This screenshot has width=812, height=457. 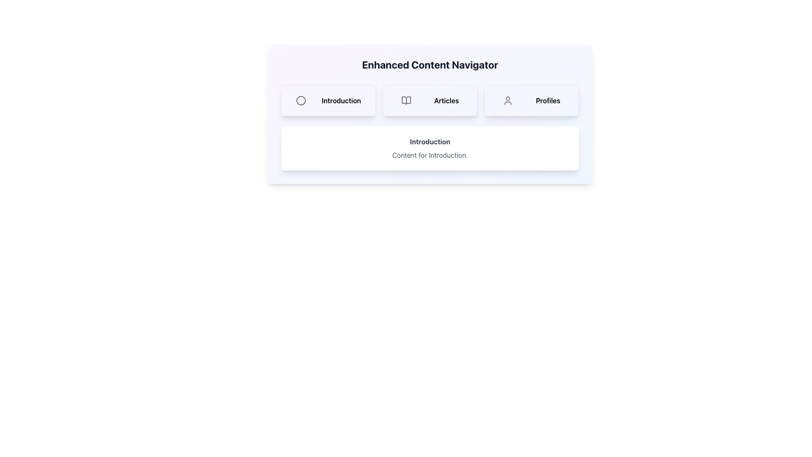 What do you see at coordinates (328, 100) in the screenshot?
I see `the 'Introduction' button located on the leftmost part of the navigation section titled 'Enhanced Content Navigator'` at bounding box center [328, 100].